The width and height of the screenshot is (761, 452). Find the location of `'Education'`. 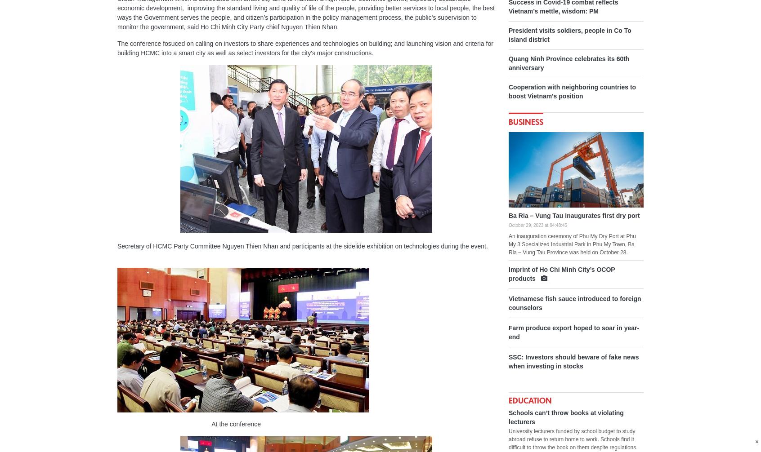

'Education' is located at coordinates (529, 400).